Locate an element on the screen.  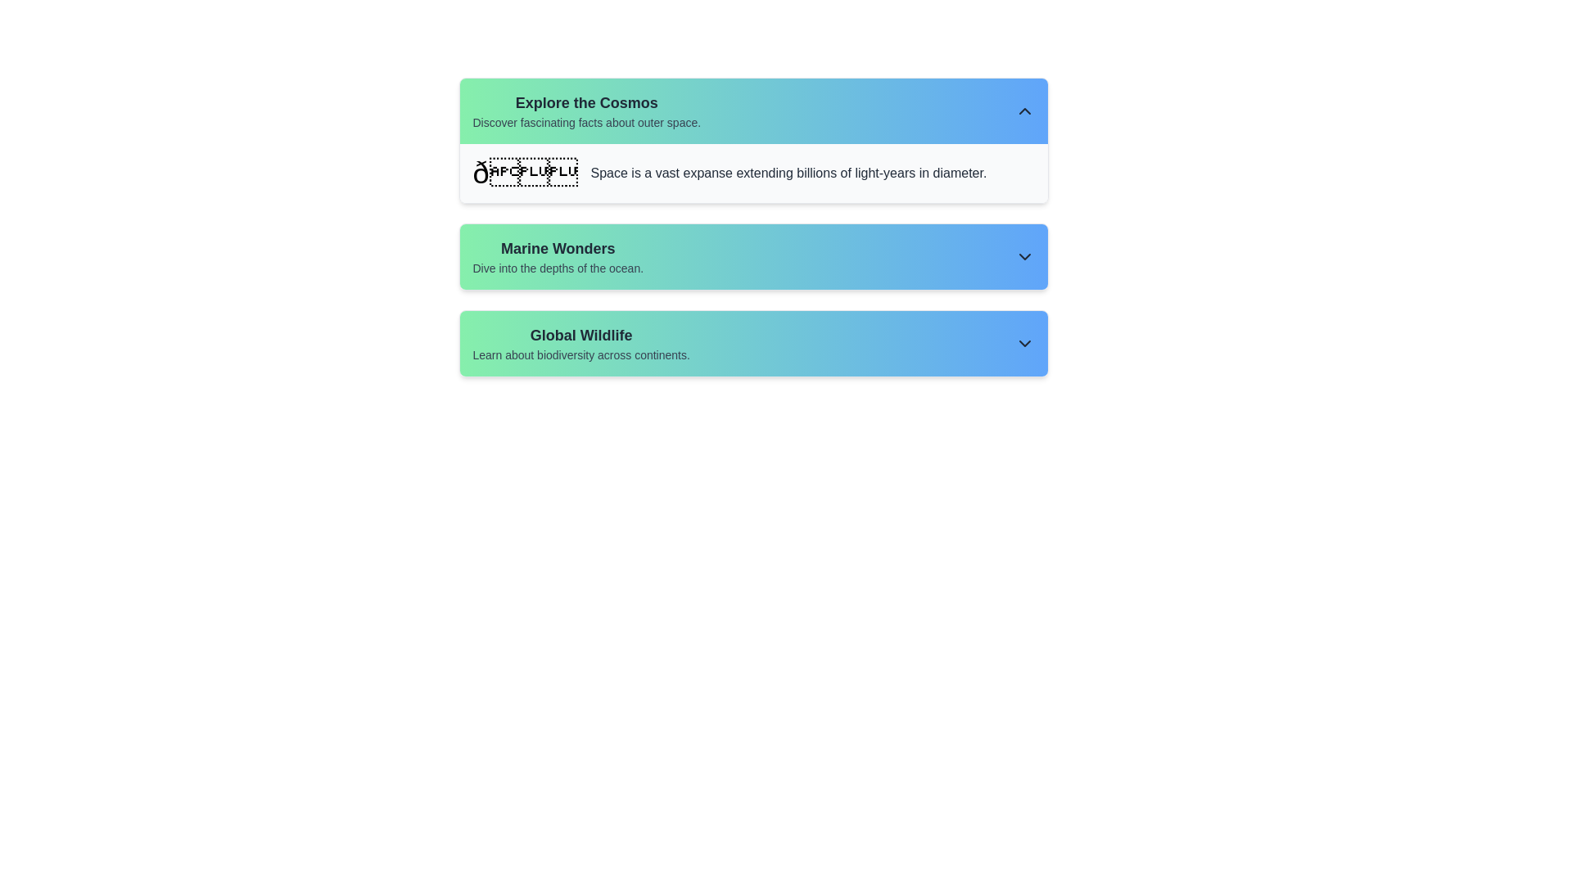
the Decorative emoji or icon at the beginning of the 'Explore the Cosmos' segment, which serves as a visual indicator for the content that follows is located at coordinates (525, 174).